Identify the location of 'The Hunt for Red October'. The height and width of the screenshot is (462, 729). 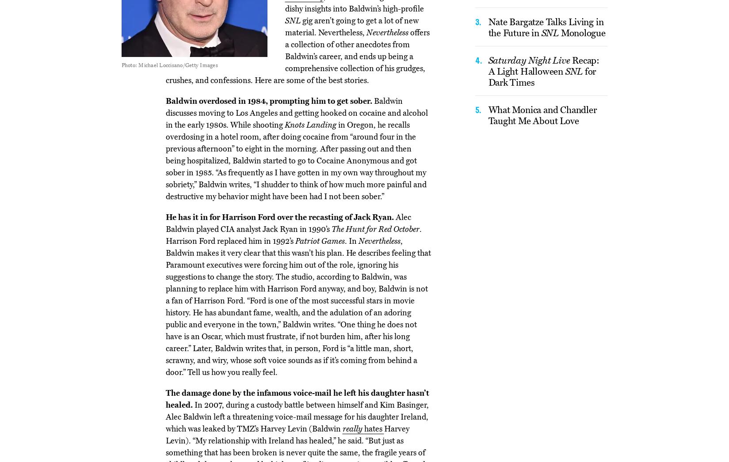
(374, 228).